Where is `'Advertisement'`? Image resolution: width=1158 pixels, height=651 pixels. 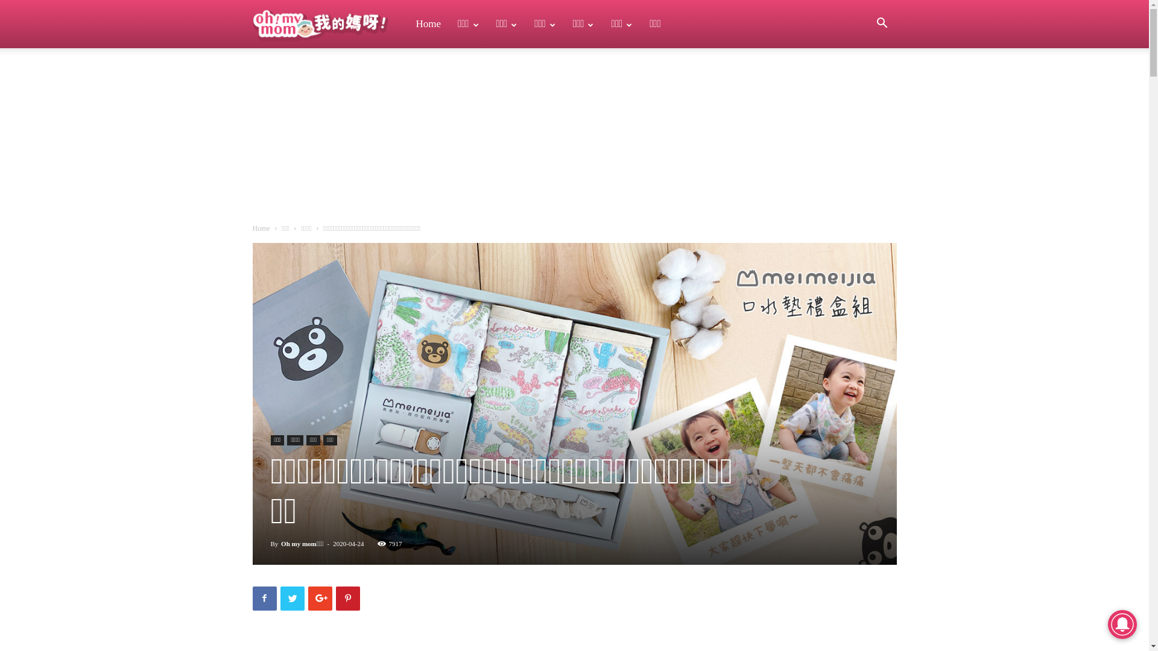
'Advertisement' is located at coordinates (281, 138).